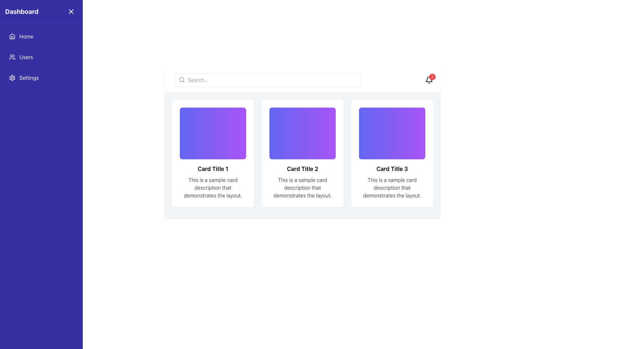 This screenshot has height=349, width=621. I want to click on the navigation link at the top of the vertical menu, so click(41, 36).